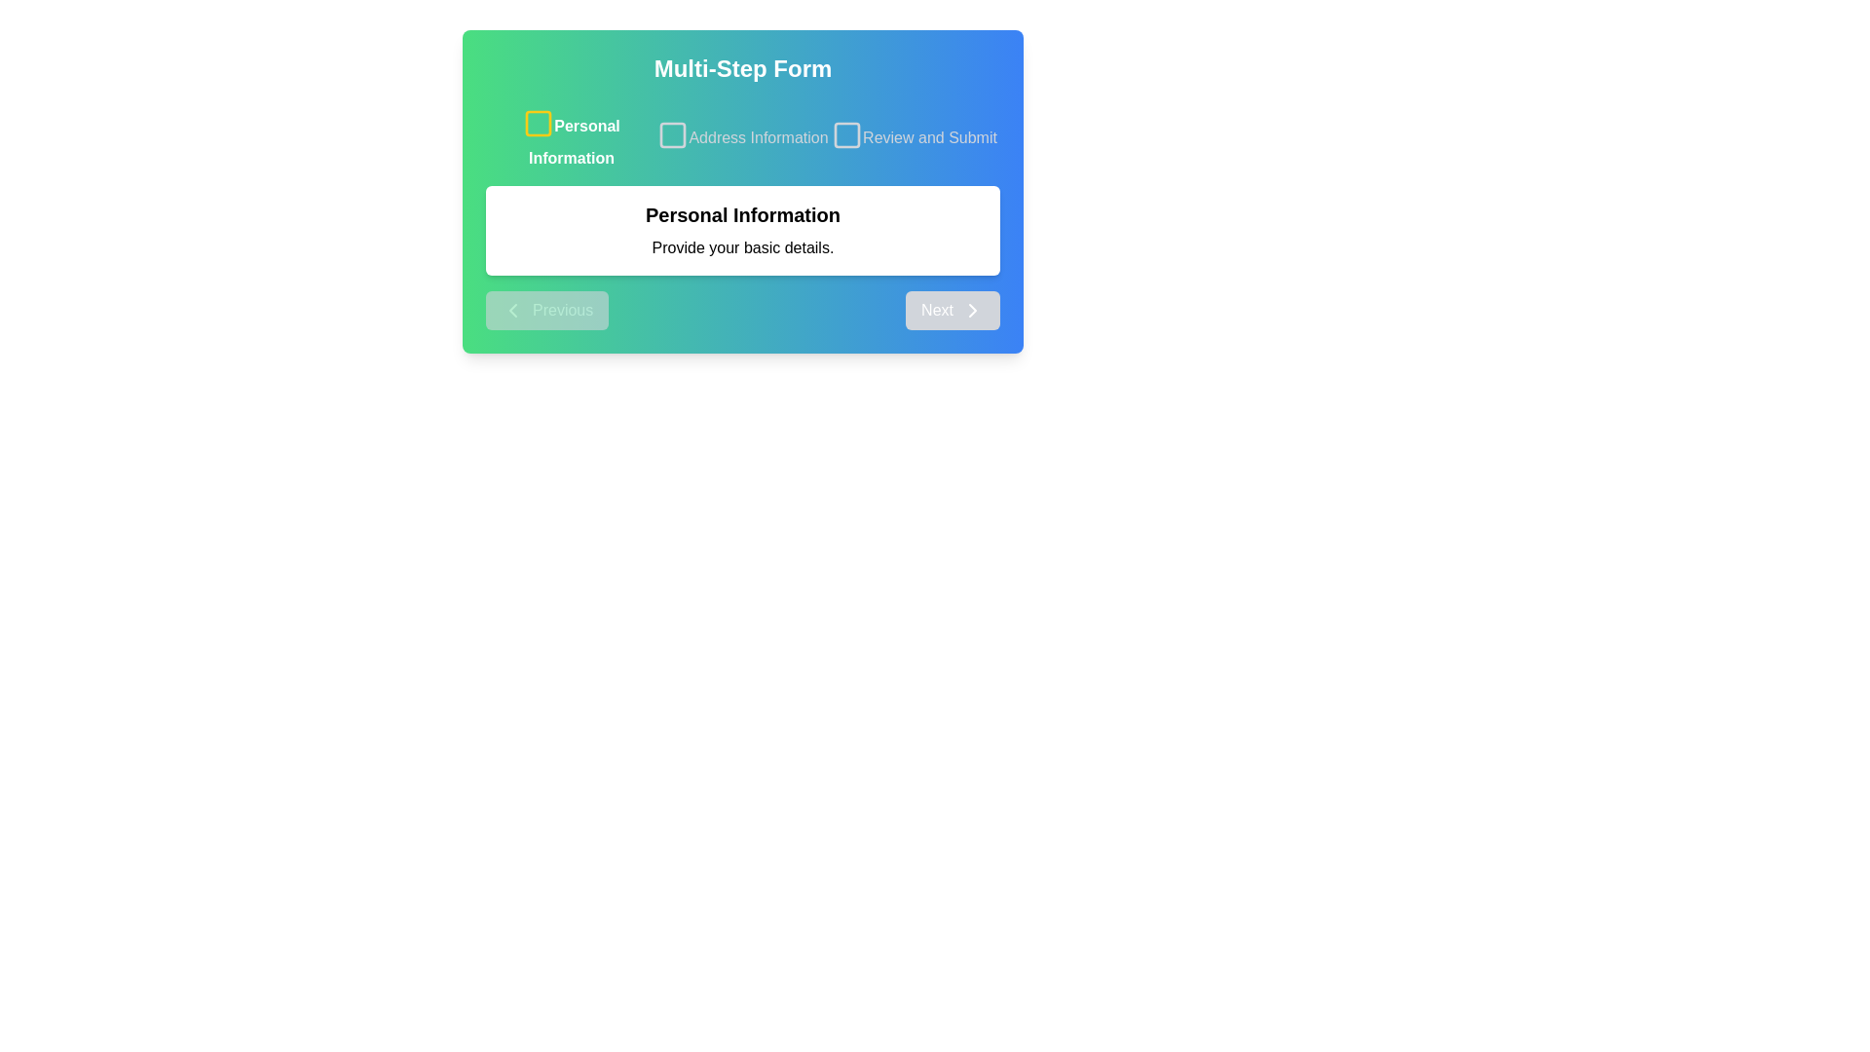  I want to click on the text element labeled 'Address Information' for interaction, so click(742, 137).